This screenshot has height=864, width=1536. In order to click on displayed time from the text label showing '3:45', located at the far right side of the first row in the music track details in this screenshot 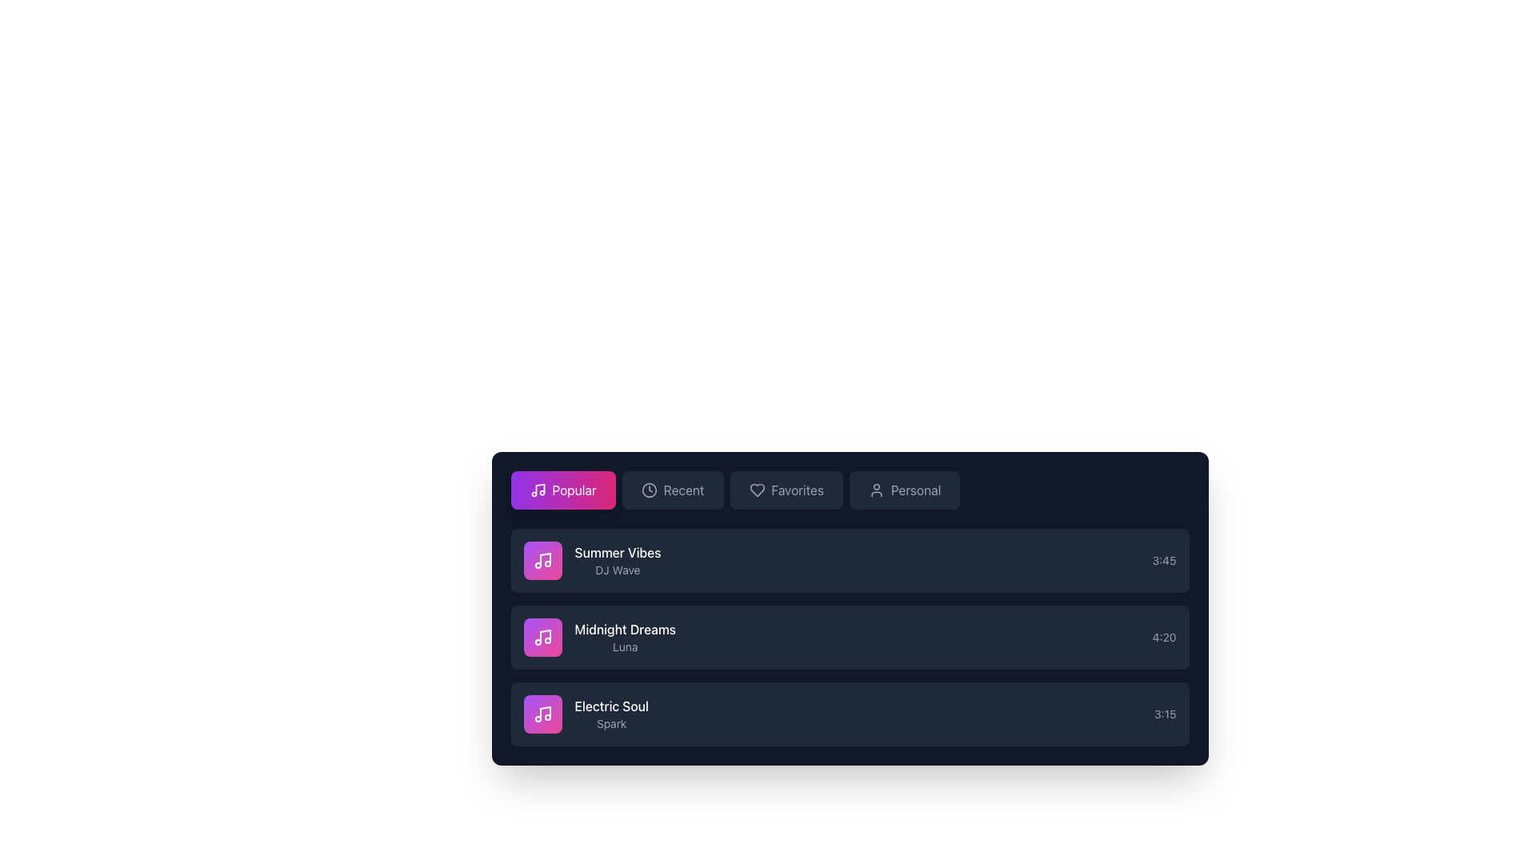, I will do `click(1164, 560)`.